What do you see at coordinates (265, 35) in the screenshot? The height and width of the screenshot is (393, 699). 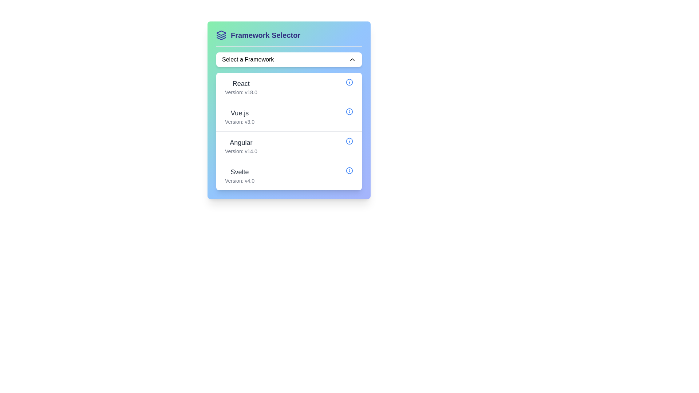 I see `the 'Framework Selector' text label styled in bold, large, indigo font` at bounding box center [265, 35].